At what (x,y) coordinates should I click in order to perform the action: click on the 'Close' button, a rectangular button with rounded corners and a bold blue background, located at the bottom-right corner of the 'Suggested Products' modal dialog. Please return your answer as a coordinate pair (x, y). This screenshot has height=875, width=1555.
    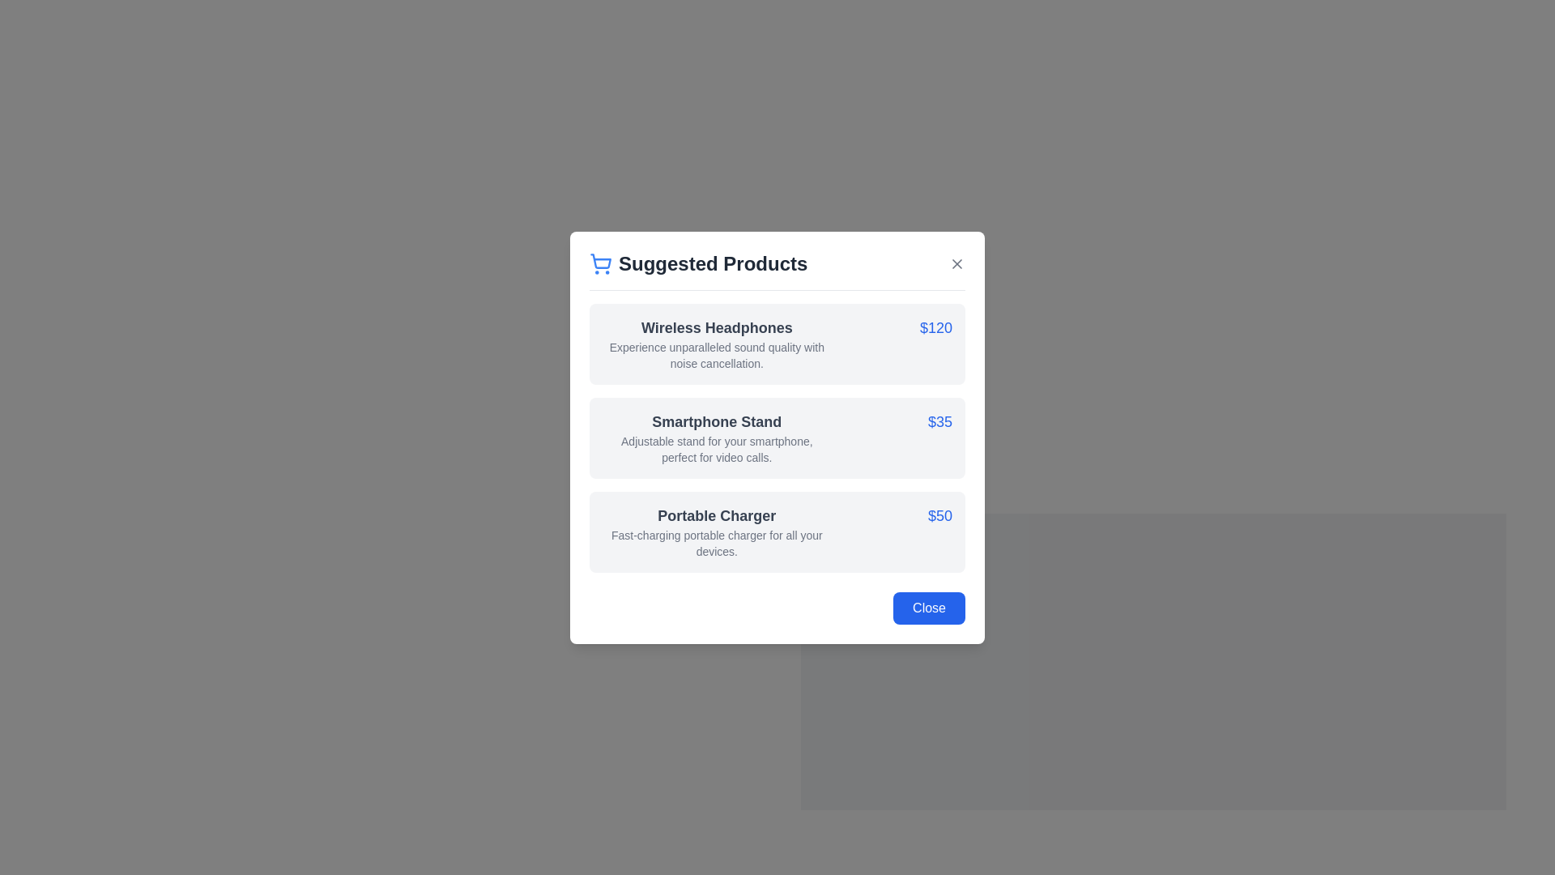
    Looking at the image, I should click on (929, 608).